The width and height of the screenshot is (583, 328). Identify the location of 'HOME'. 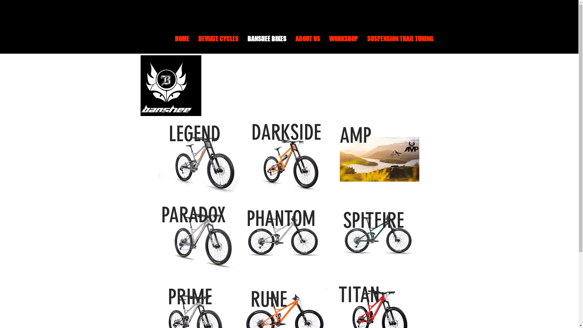
(181, 43).